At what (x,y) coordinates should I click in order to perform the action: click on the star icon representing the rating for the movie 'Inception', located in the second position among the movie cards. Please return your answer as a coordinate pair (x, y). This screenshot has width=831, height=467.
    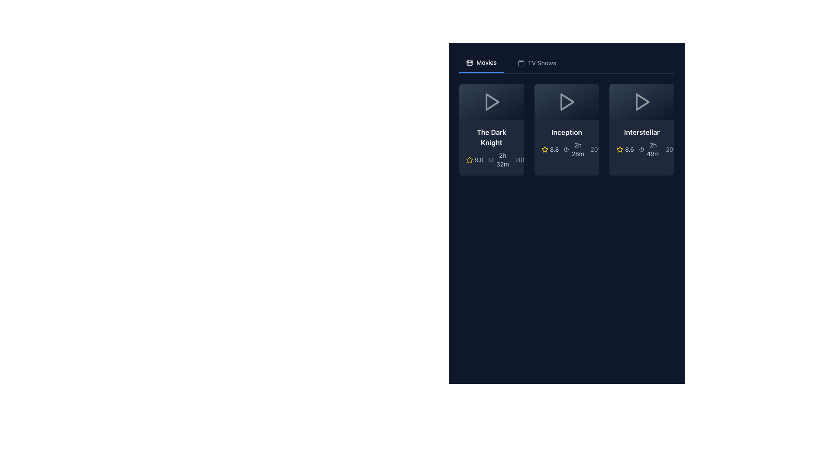
    Looking at the image, I should click on (544, 149).